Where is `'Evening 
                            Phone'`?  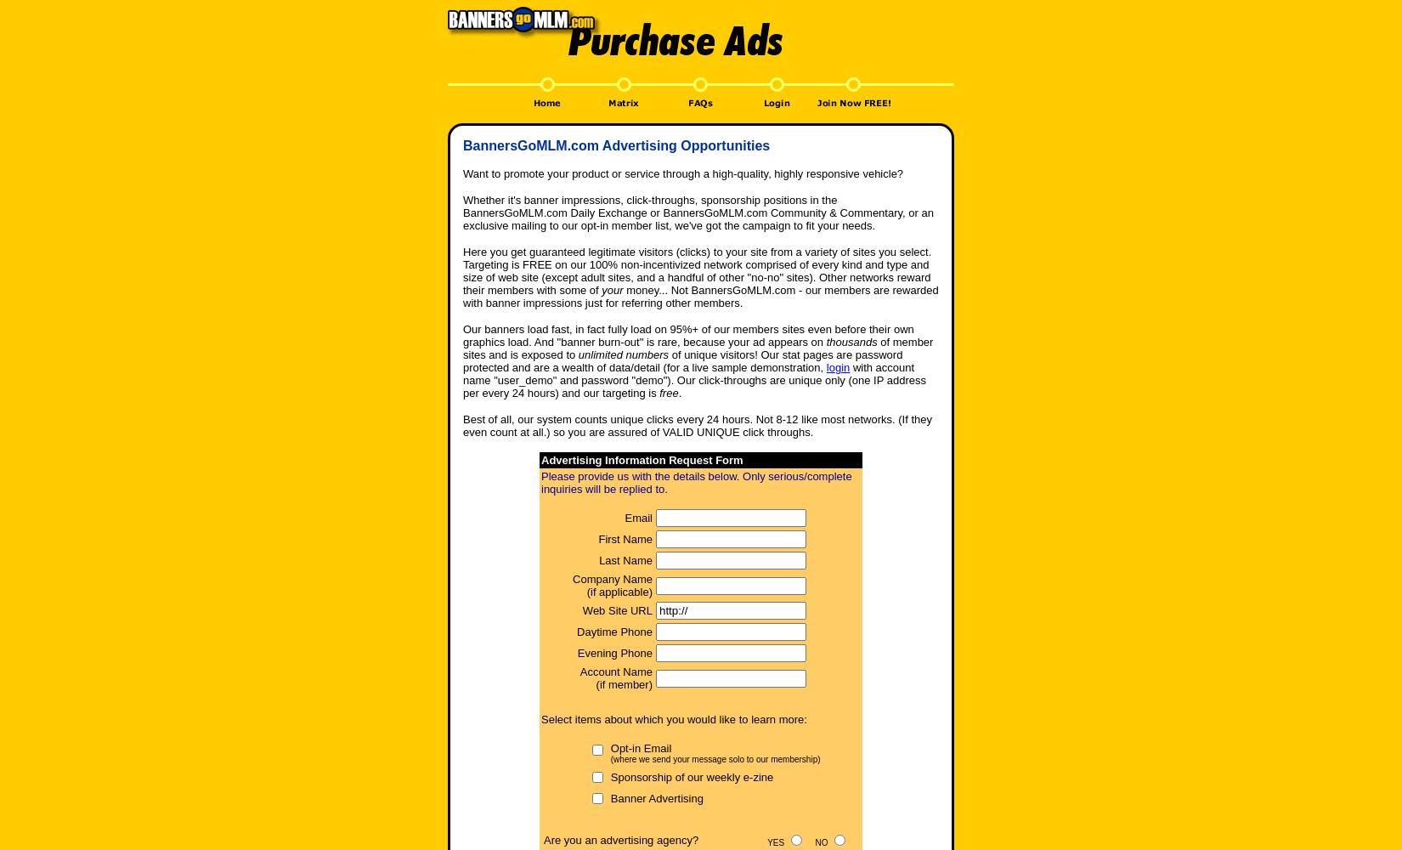 'Evening 
                            Phone' is located at coordinates (613, 653).